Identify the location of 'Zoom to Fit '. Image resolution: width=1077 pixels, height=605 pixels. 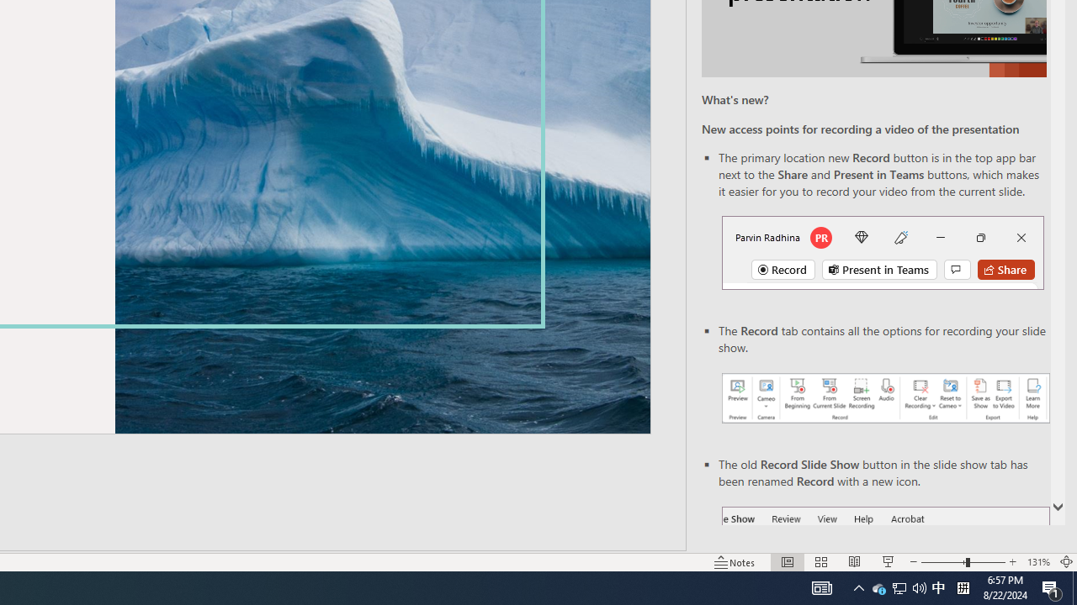
(1065, 562).